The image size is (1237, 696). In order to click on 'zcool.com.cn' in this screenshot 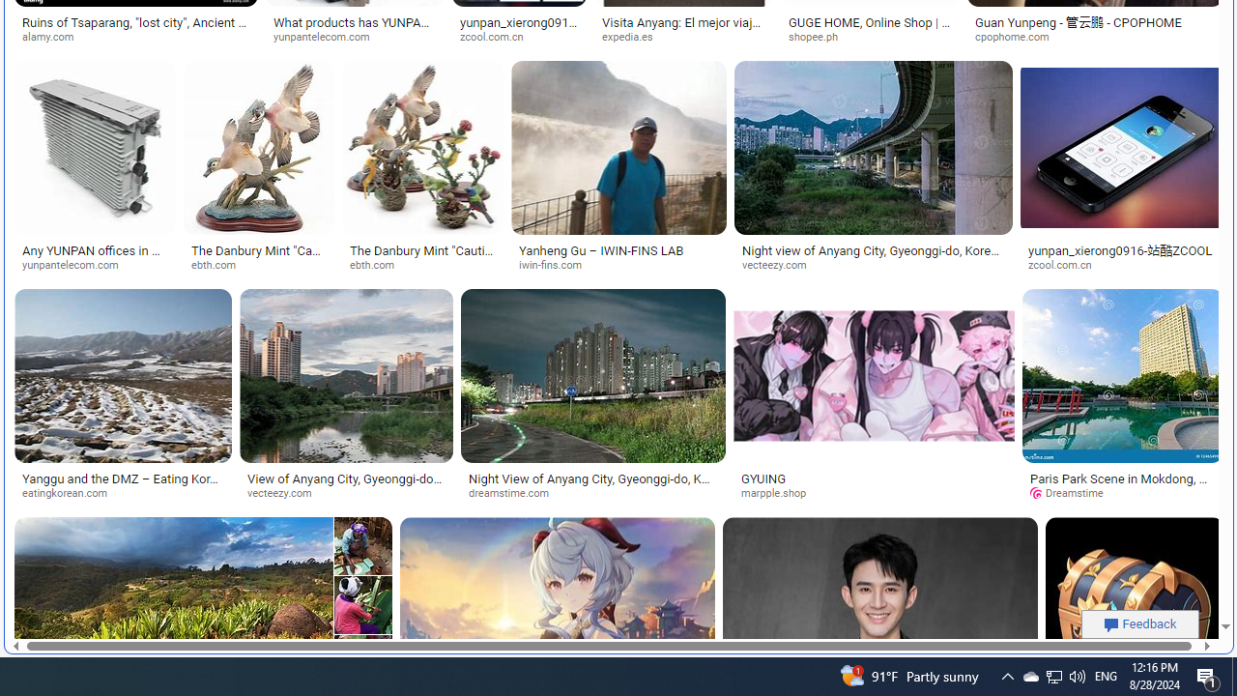, I will do `click(1066, 265)`.